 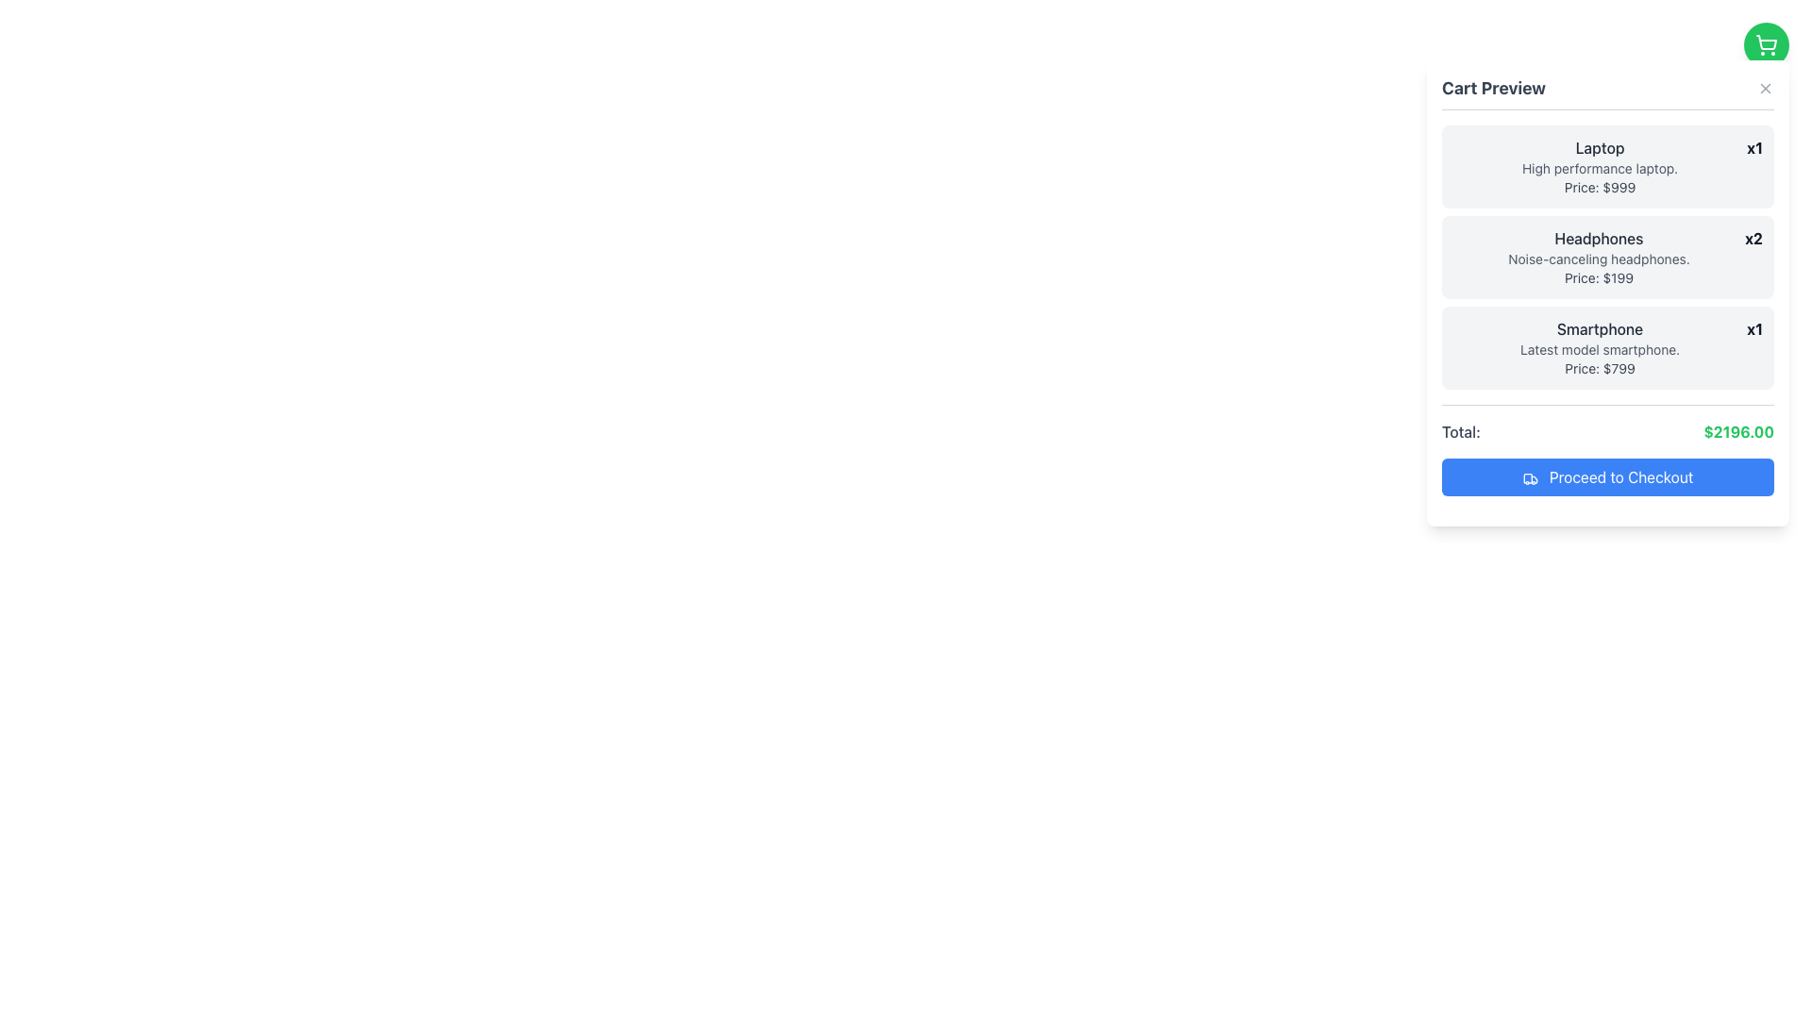 What do you see at coordinates (1765, 88) in the screenshot?
I see `the close button icon (SVG graphic) located at the top right corner of the cart preview panel` at bounding box center [1765, 88].